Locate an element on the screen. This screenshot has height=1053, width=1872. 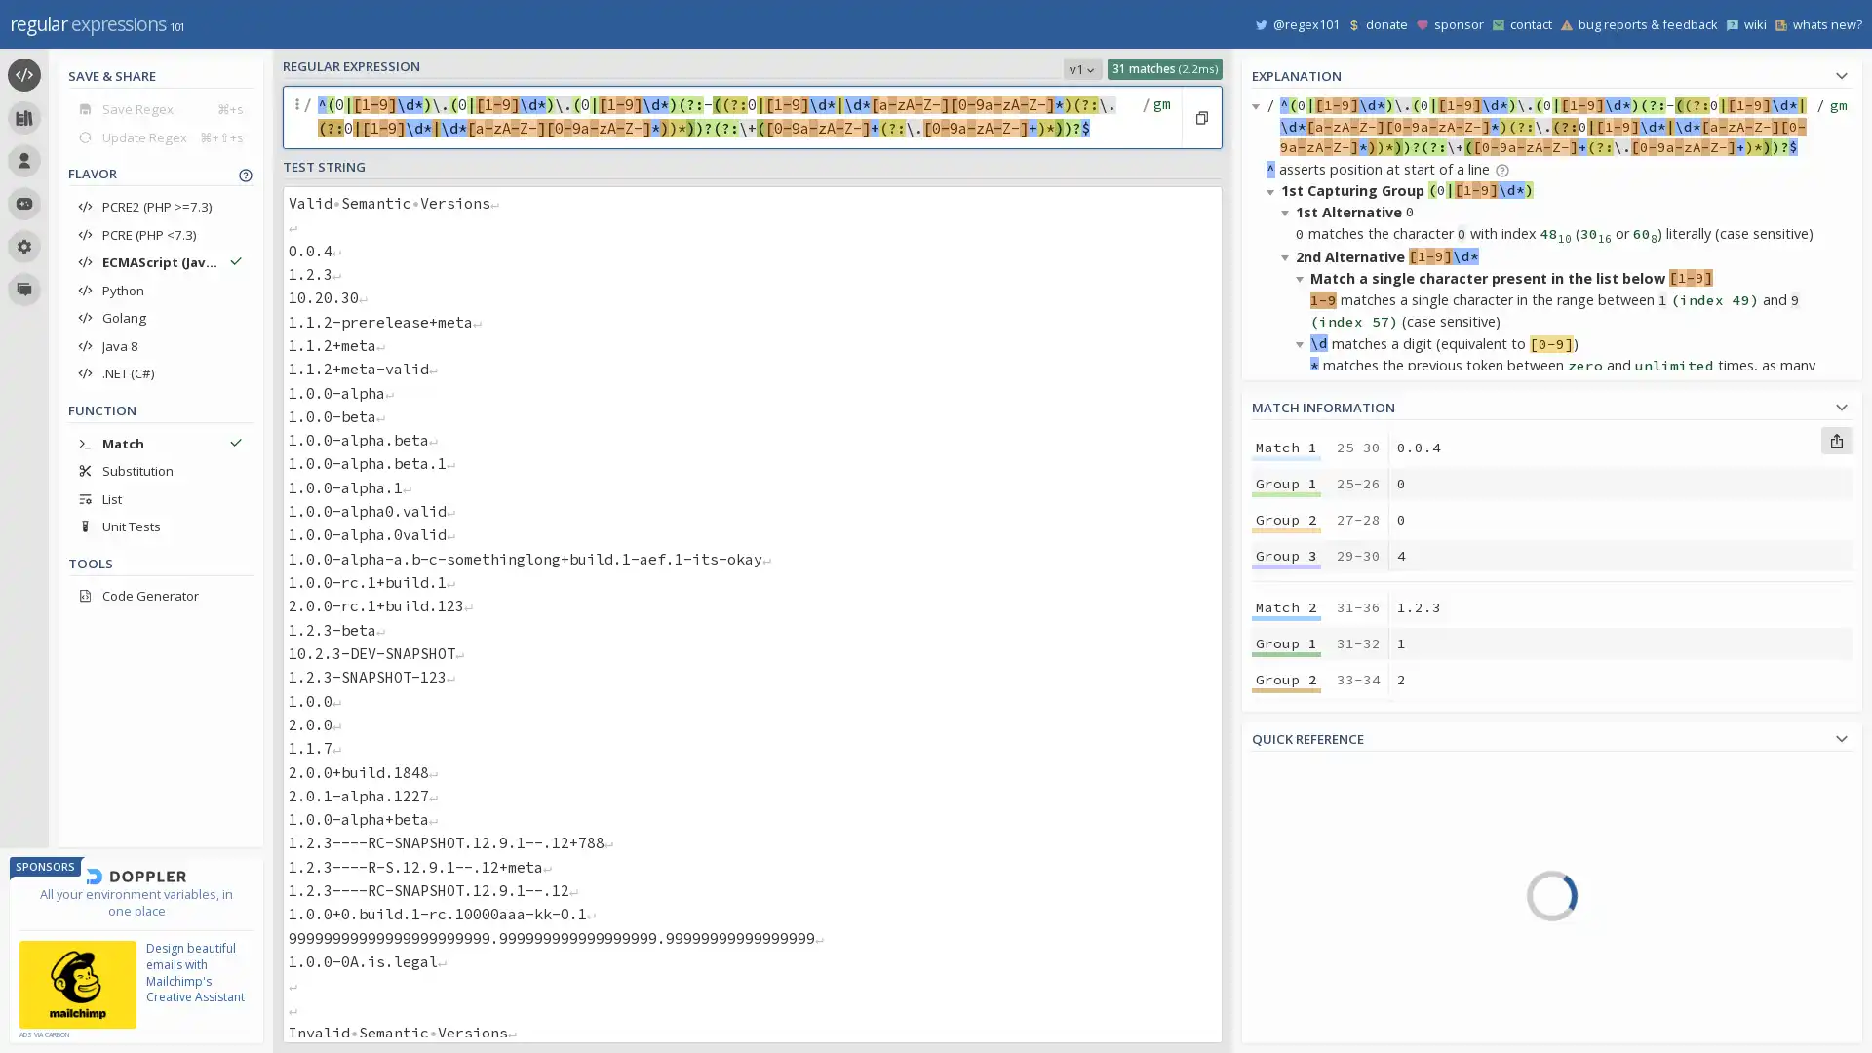
Collapse Subtree is located at coordinates (1273, 675).